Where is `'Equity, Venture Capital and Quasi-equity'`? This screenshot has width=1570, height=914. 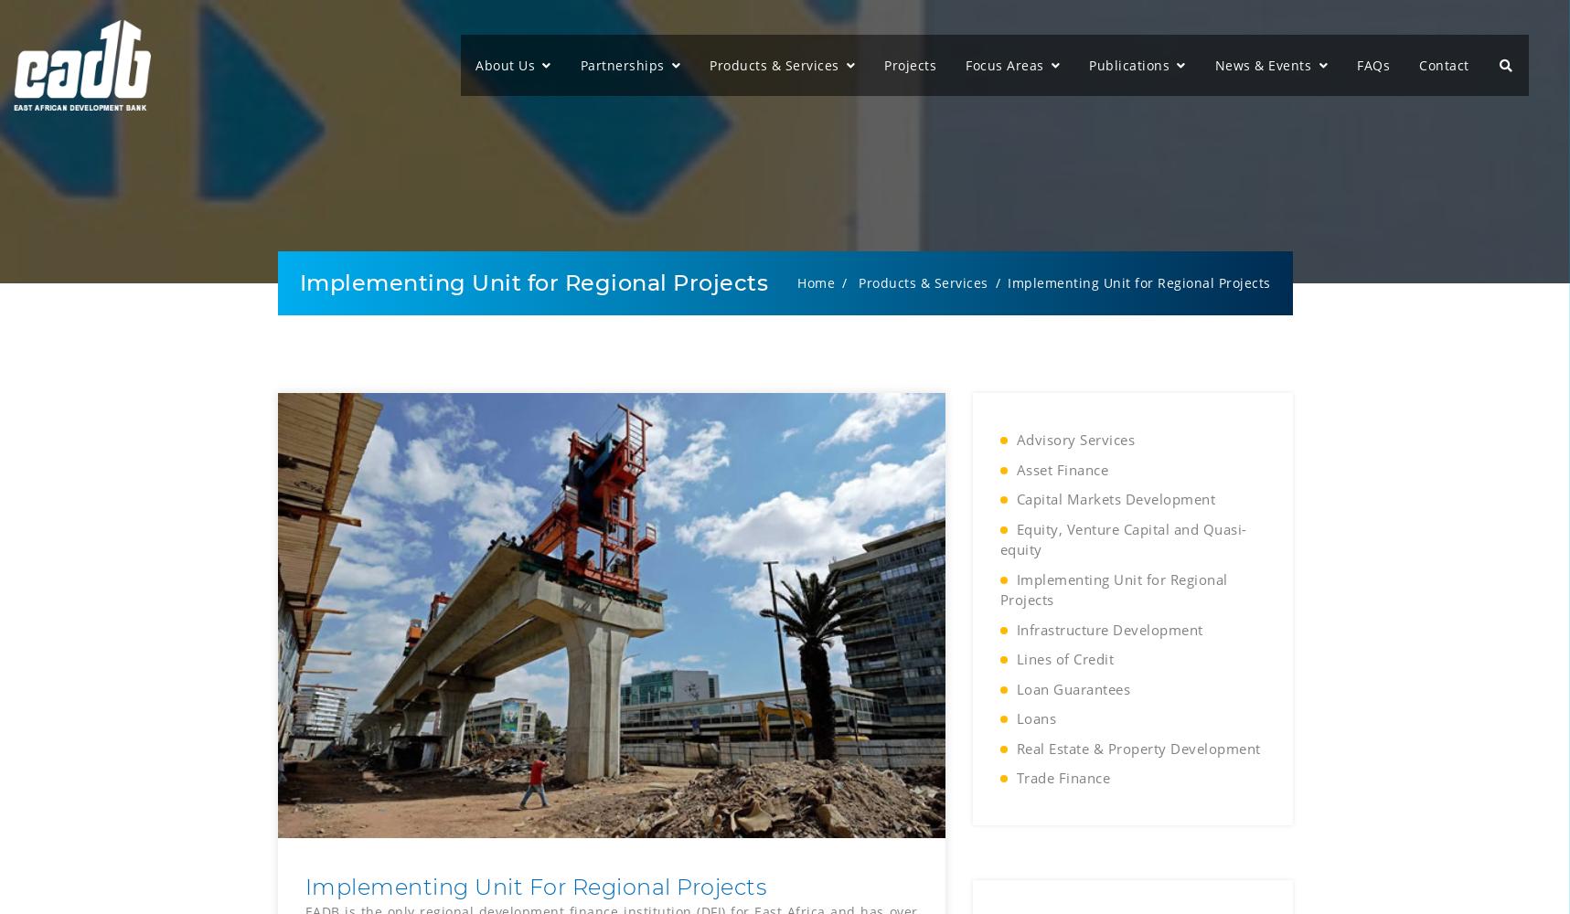
'Equity, Venture Capital and Quasi-equity' is located at coordinates (1121, 537).